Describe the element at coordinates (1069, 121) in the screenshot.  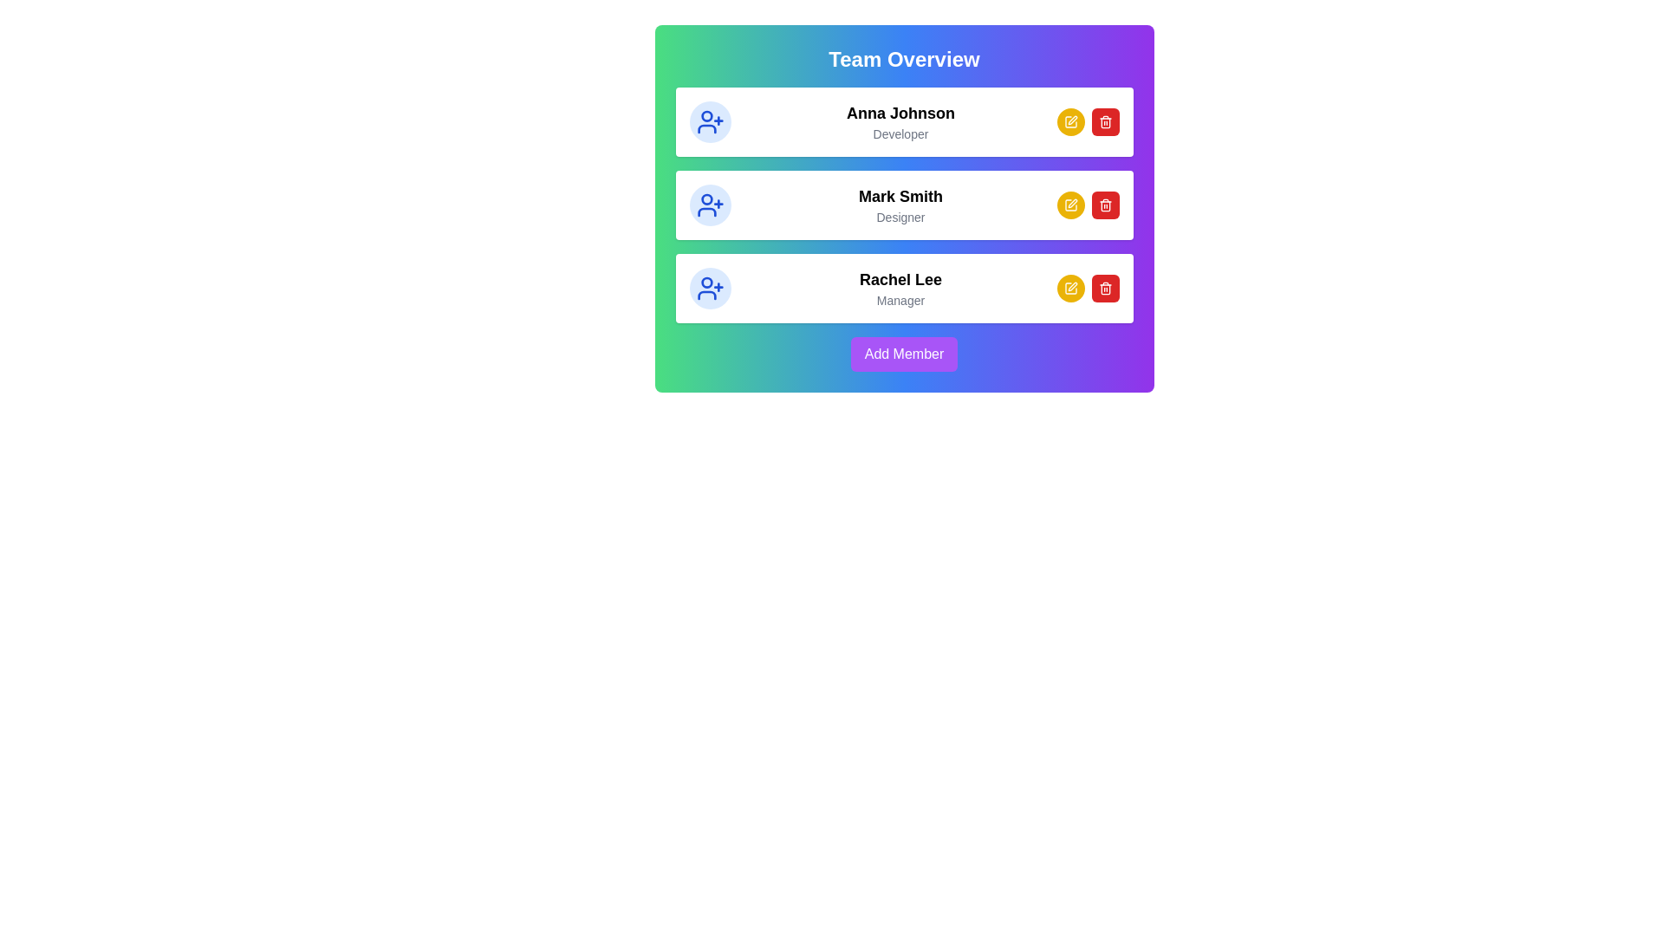
I see `the circular yellow button with a white pen icon located to the right of 'Anna Johnson' in the 'Team Overview' section` at that location.